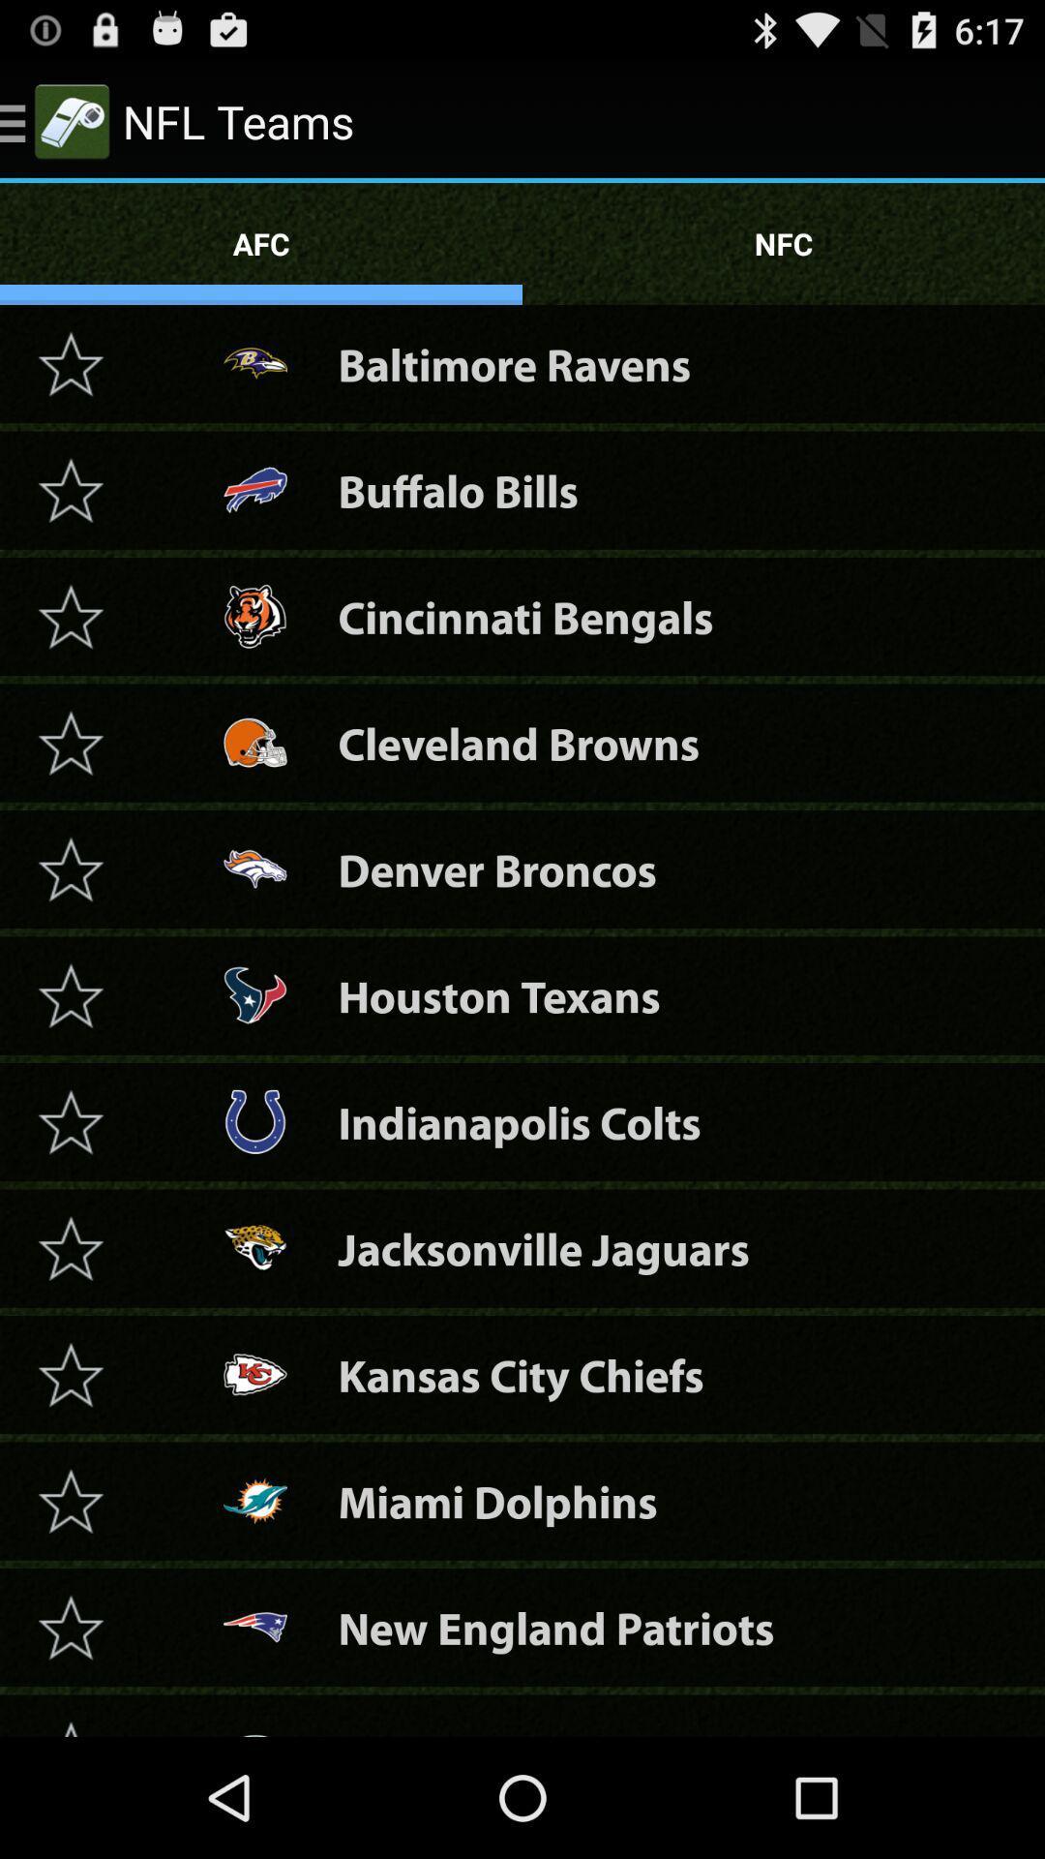  What do you see at coordinates (513, 364) in the screenshot?
I see `baltimore ravens app` at bounding box center [513, 364].